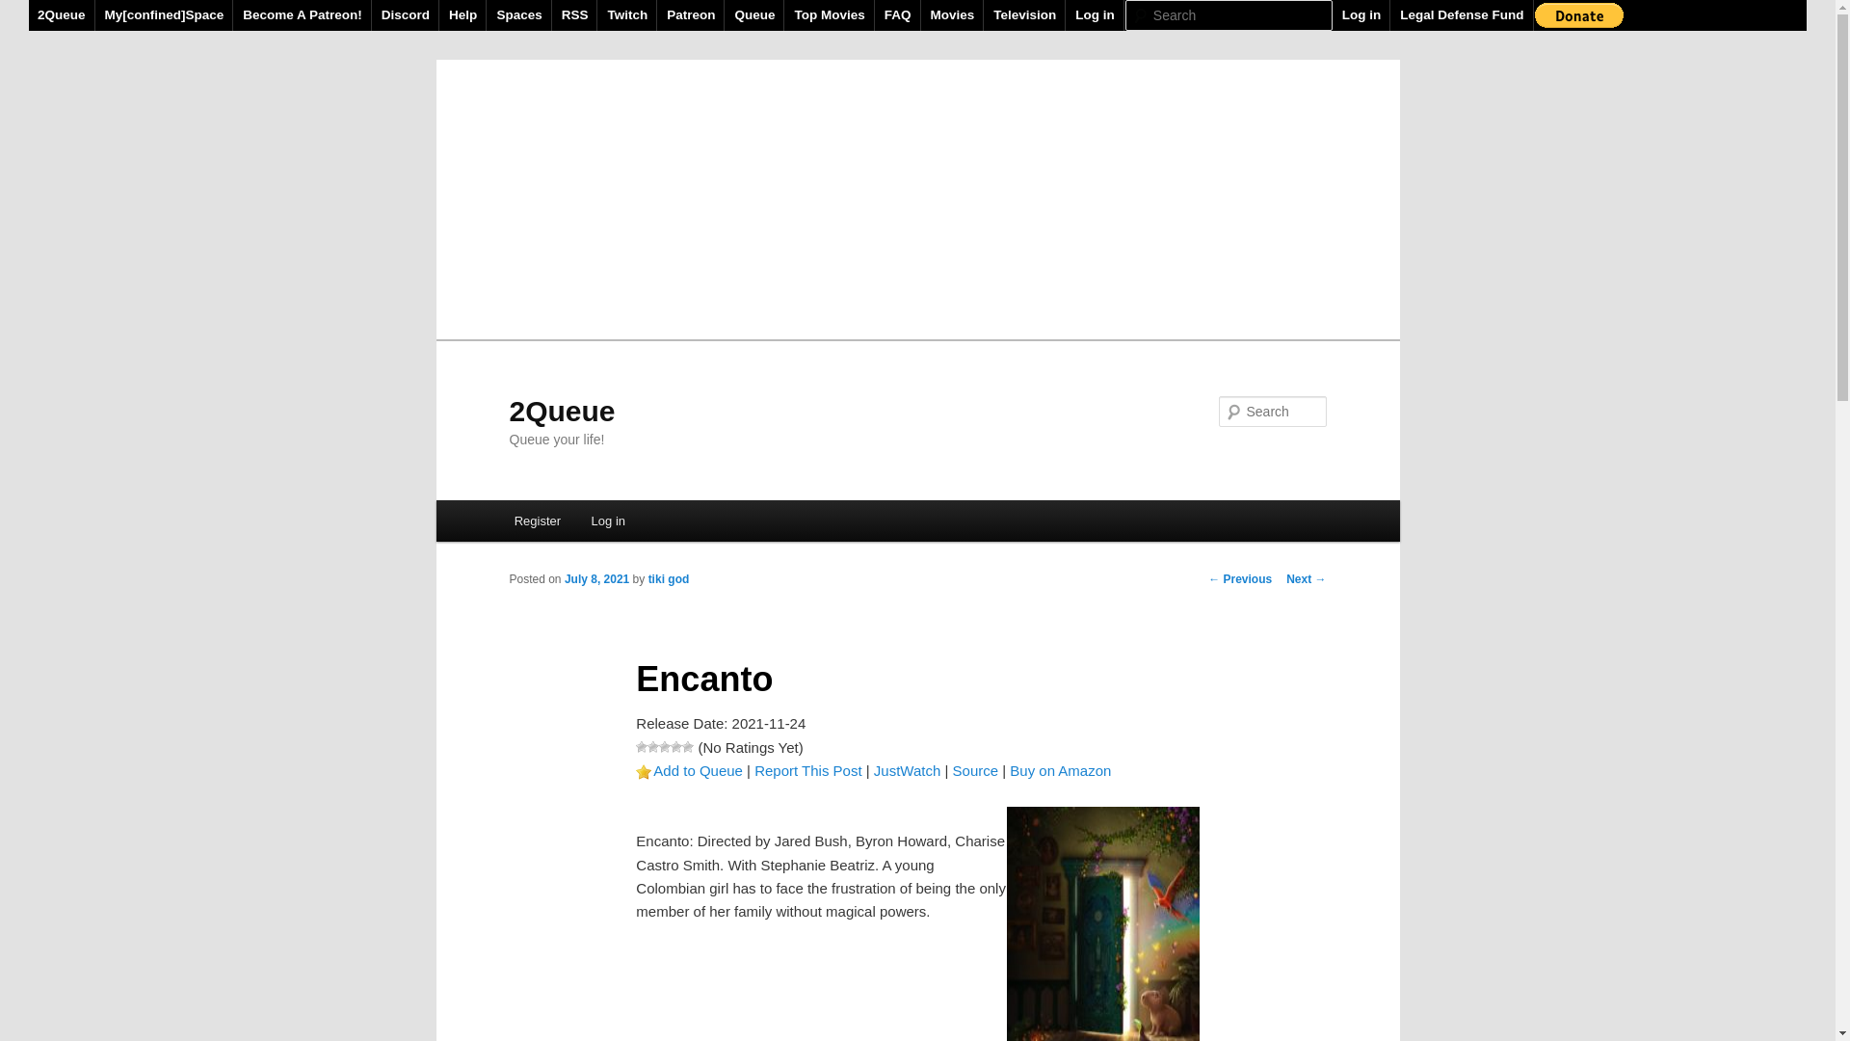  What do you see at coordinates (405, 14) in the screenshot?
I see `'Discord'` at bounding box center [405, 14].